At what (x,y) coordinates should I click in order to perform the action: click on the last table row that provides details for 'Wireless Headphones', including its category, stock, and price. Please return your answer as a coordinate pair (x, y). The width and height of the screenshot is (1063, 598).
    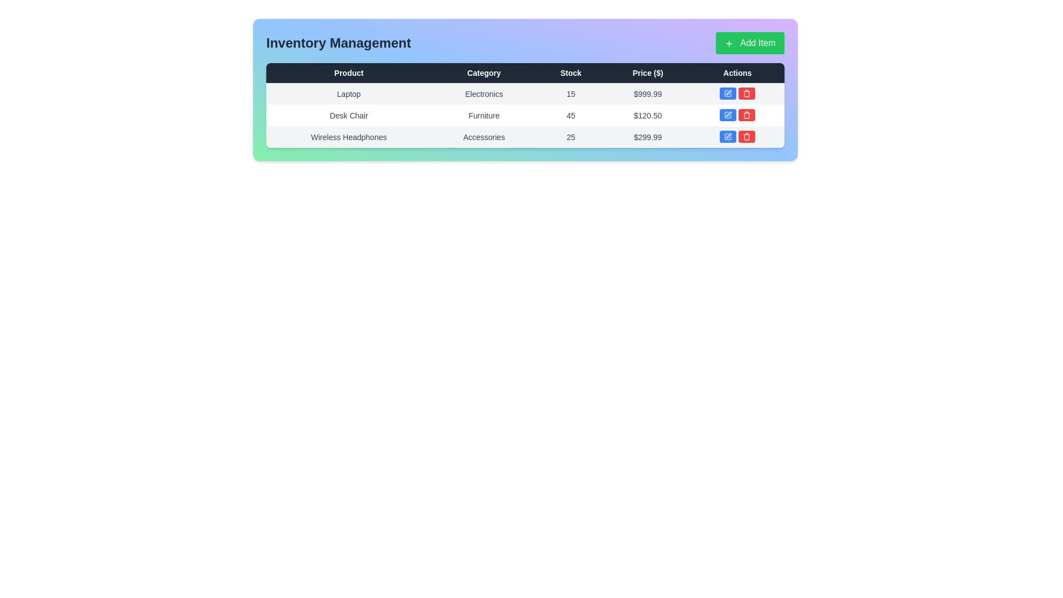
    Looking at the image, I should click on (525, 136).